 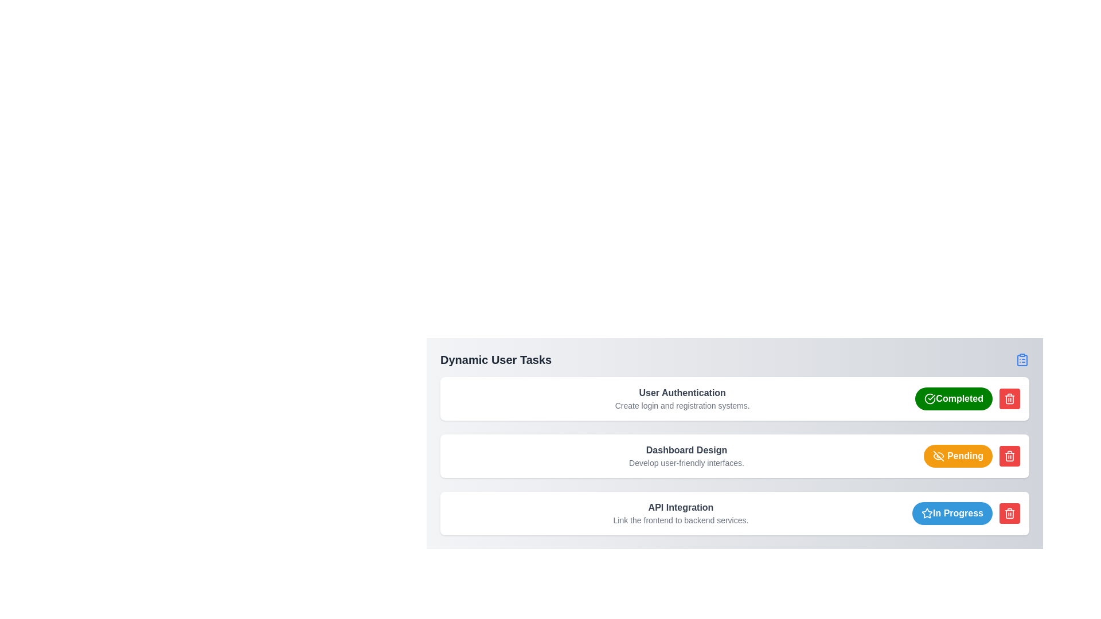 What do you see at coordinates (686, 455) in the screenshot?
I see `the text block displaying the title and description of a task, located in the second task block of the task management interface, positioned between 'User Authentication' and 'API Integration'` at bounding box center [686, 455].